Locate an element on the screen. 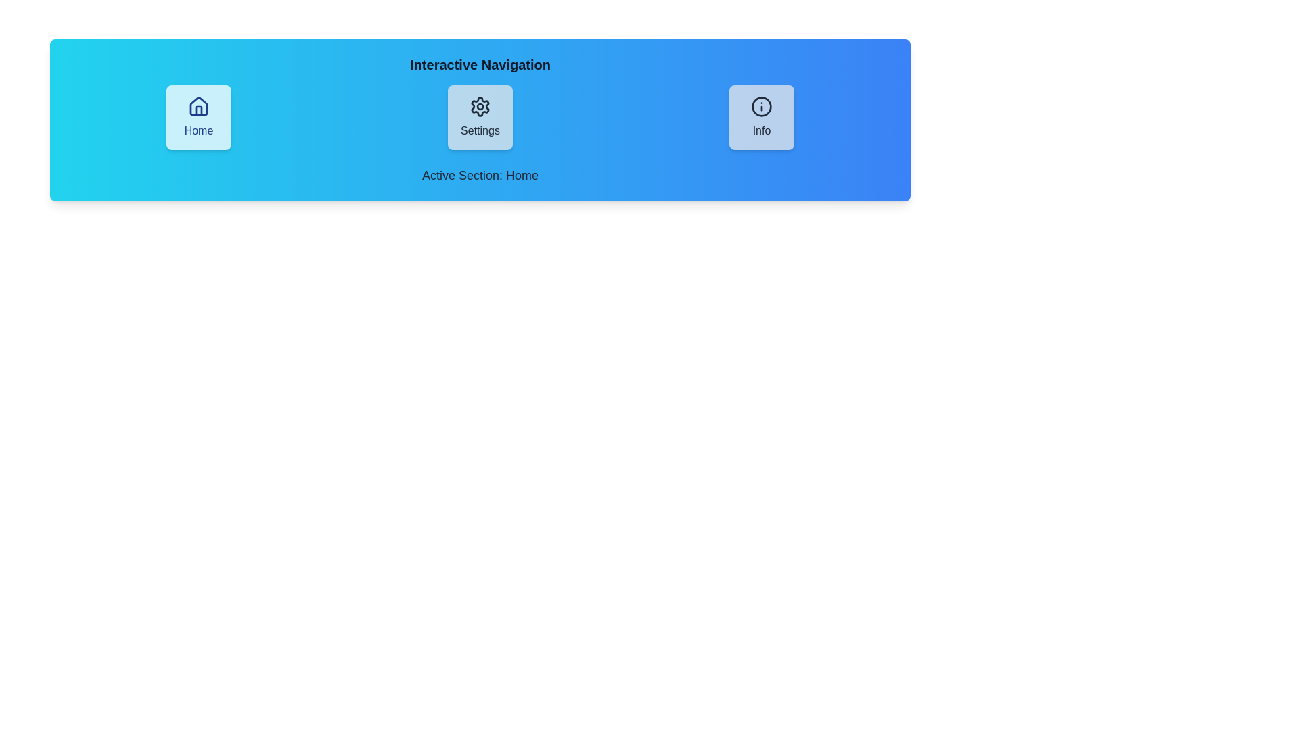 This screenshot has width=1299, height=730. the Settings button to navigate to the corresponding view is located at coordinates (480, 116).